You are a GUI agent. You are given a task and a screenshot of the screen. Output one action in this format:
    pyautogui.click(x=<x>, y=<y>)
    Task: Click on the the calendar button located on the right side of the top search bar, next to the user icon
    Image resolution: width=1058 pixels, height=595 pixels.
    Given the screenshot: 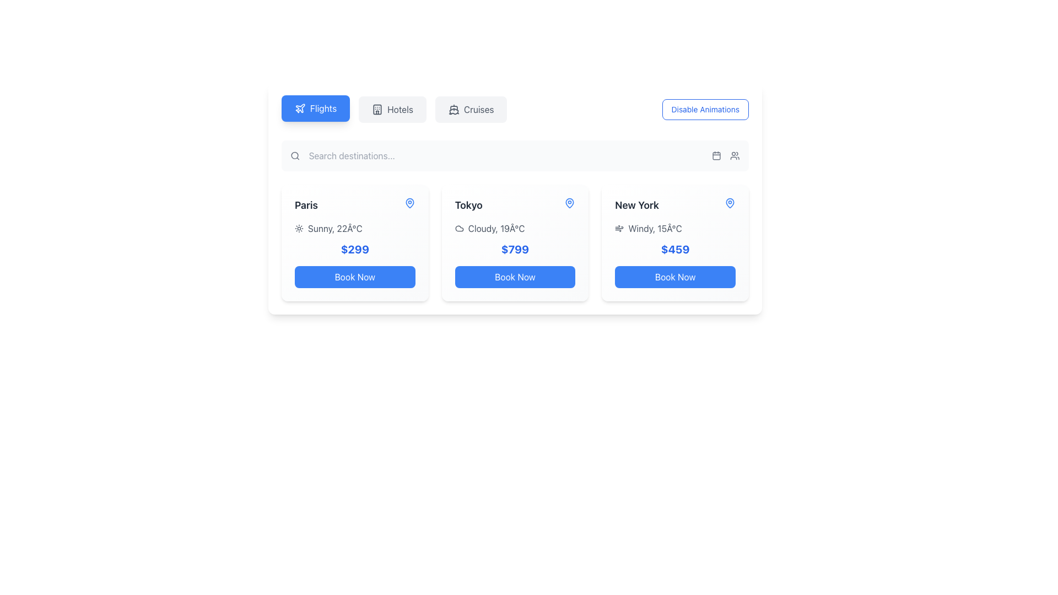 What is the action you would take?
    pyautogui.click(x=716, y=155)
    